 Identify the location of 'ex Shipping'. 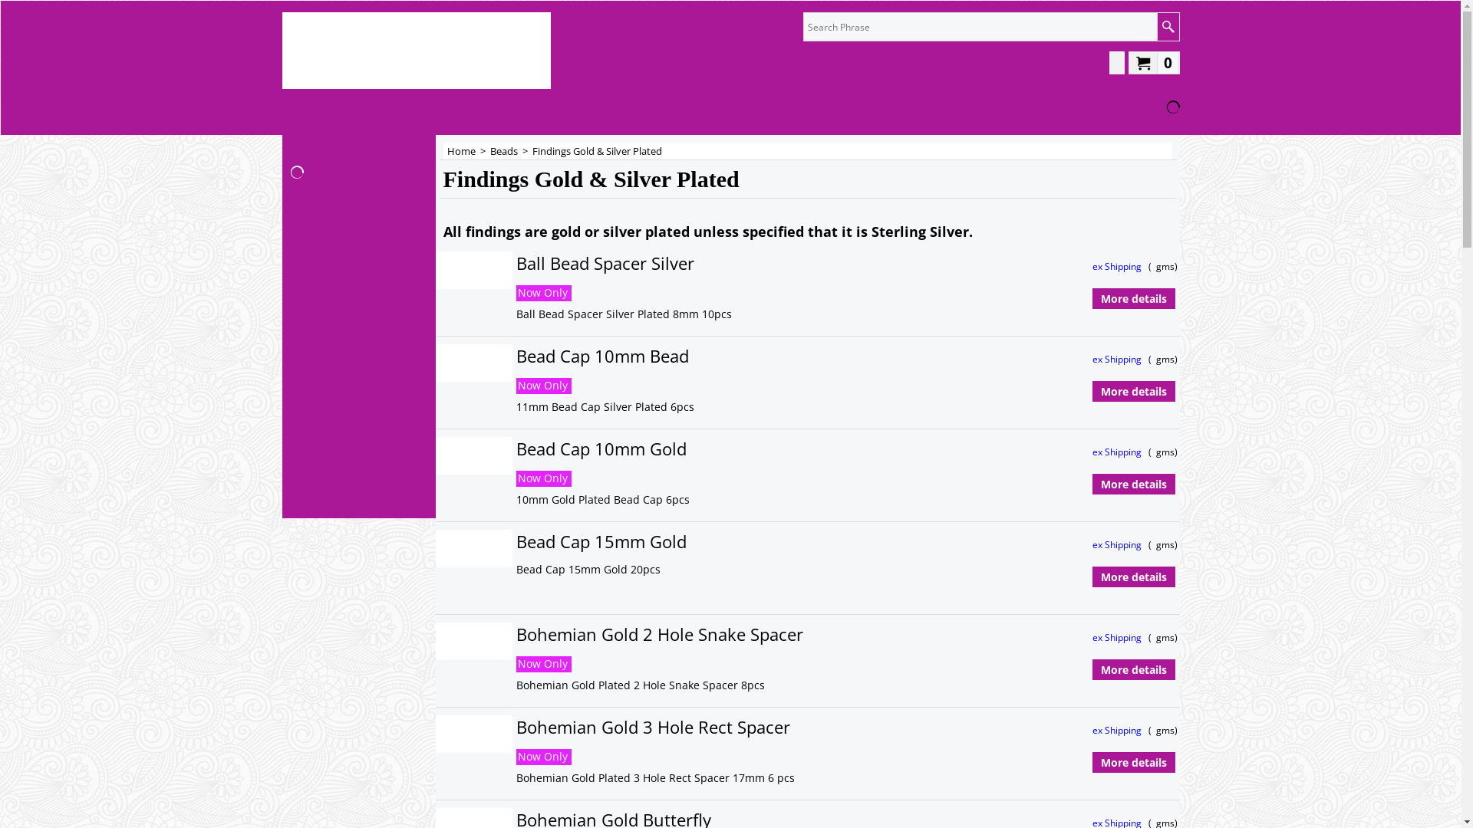
(1118, 451).